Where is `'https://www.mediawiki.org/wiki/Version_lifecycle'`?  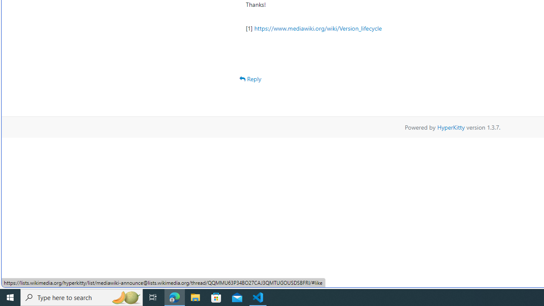
'https://www.mediawiki.org/wiki/Version_lifecycle' is located at coordinates (317, 28).